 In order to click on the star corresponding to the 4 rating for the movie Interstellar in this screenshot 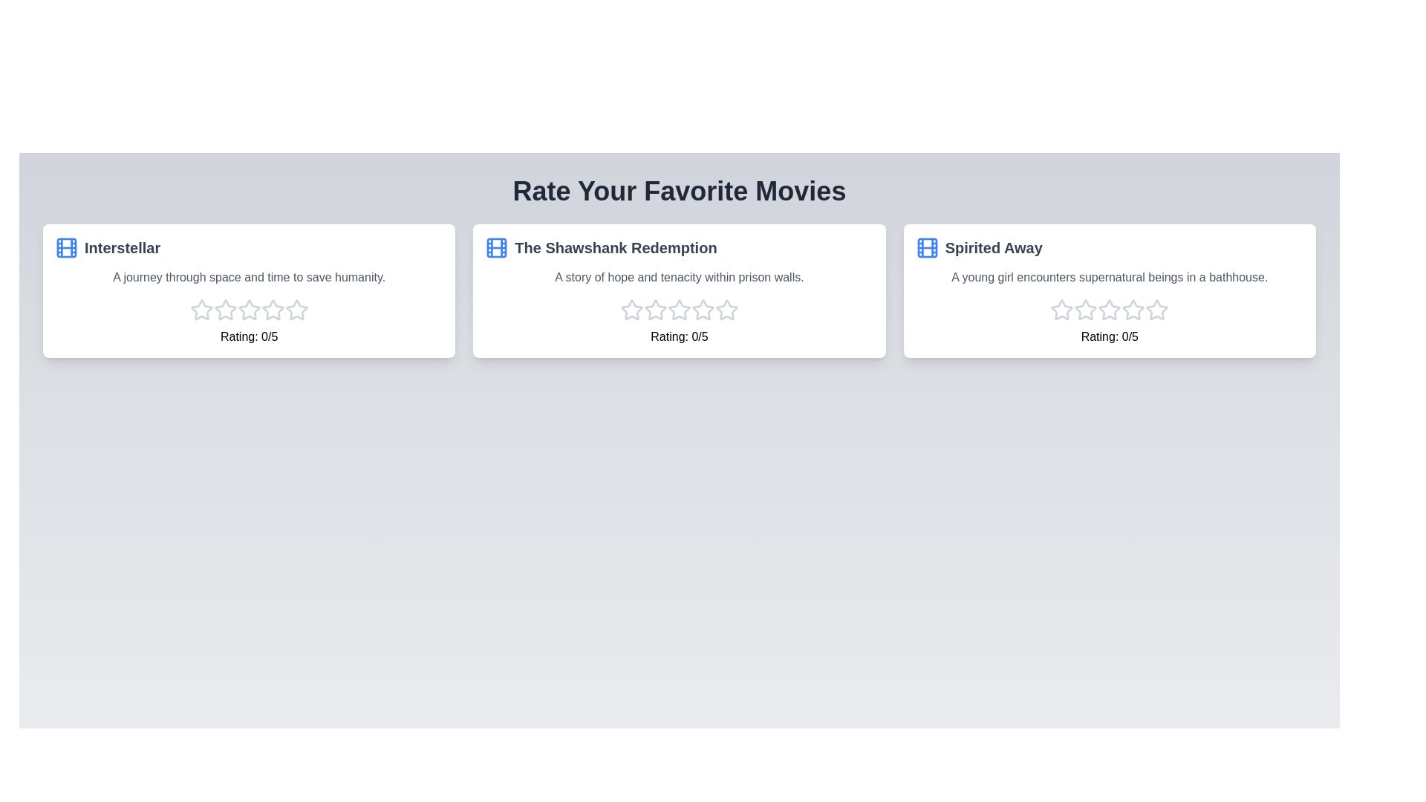, I will do `click(273, 309)`.